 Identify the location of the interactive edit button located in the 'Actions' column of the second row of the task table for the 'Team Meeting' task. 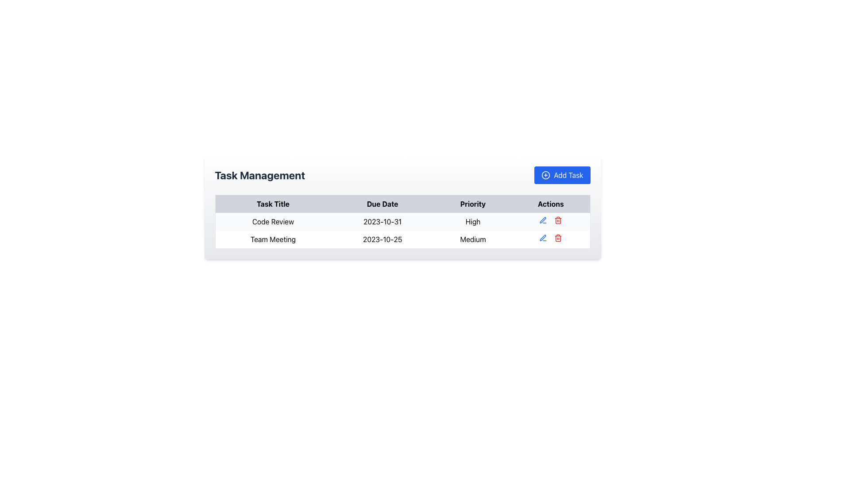
(542, 220).